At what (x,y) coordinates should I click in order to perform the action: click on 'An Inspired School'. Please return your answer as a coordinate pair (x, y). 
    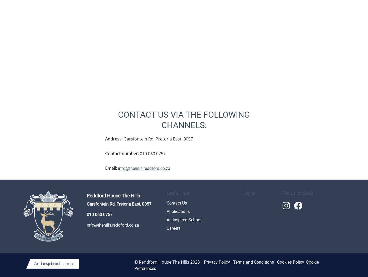
    Looking at the image, I should click on (184, 219).